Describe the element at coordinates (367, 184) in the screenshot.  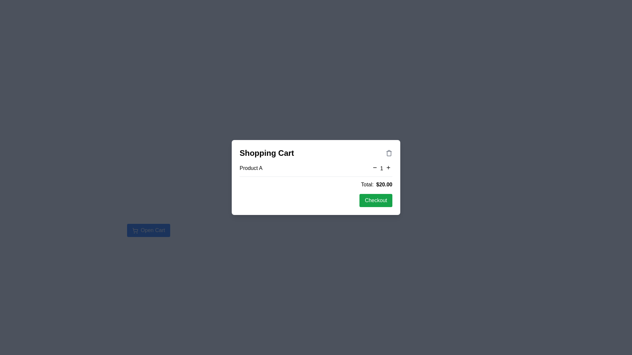
I see `the label 'Total:' which is displayed in bold and positioned to the left of the monetary value '$20.00' in the shopping cart interface` at that location.